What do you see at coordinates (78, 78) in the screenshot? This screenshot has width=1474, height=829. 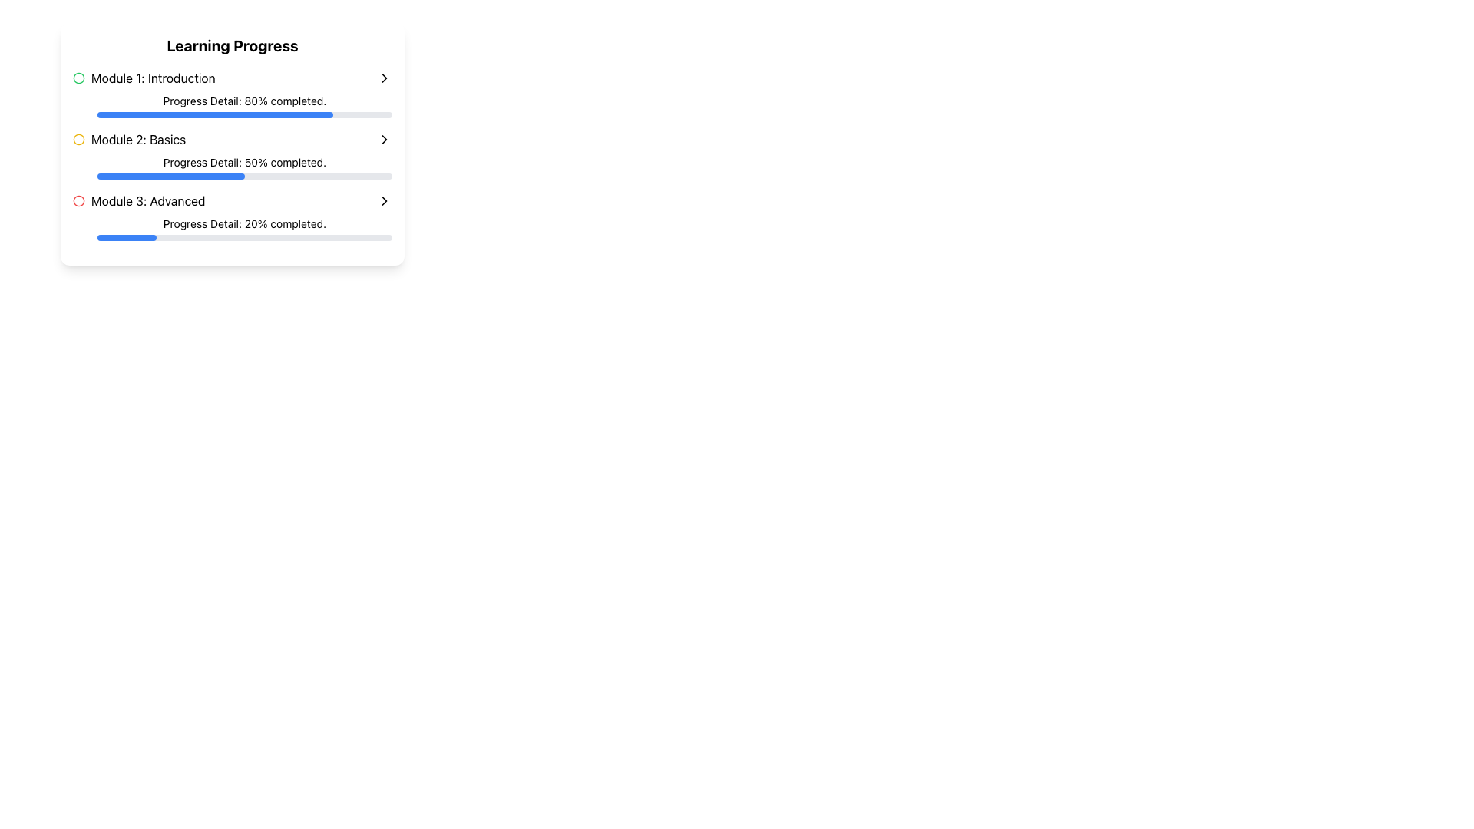 I see `the Status indicator icon with a green outline next to the 'Module 1: Introduction' label in the Learning Progress list` at bounding box center [78, 78].